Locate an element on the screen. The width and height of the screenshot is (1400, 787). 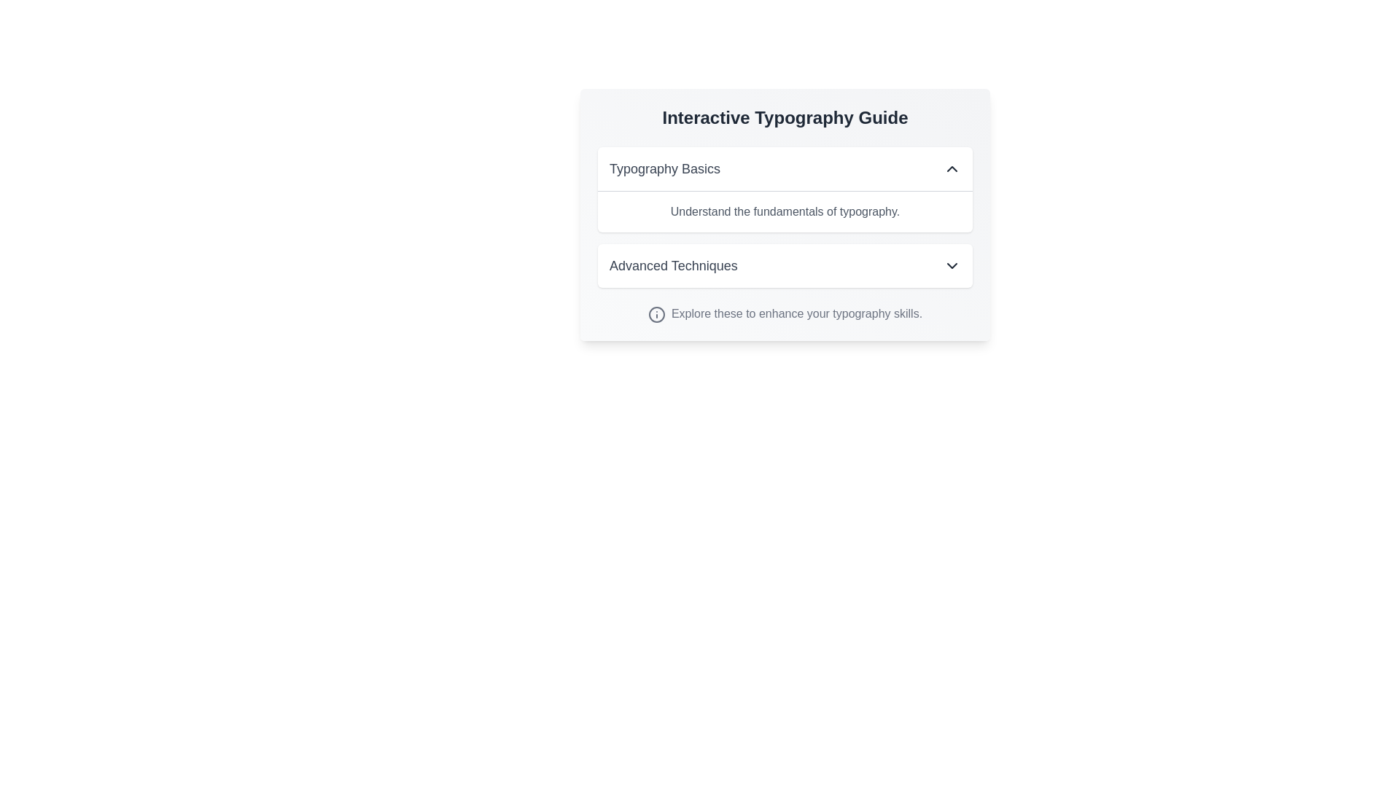
the informational icon located to the left of the text 'Explore these to enhance your typography skills.' in the bottom section of the card with headings 'Typography Basics' and 'Advanced Techniques' is located at coordinates (656, 313).